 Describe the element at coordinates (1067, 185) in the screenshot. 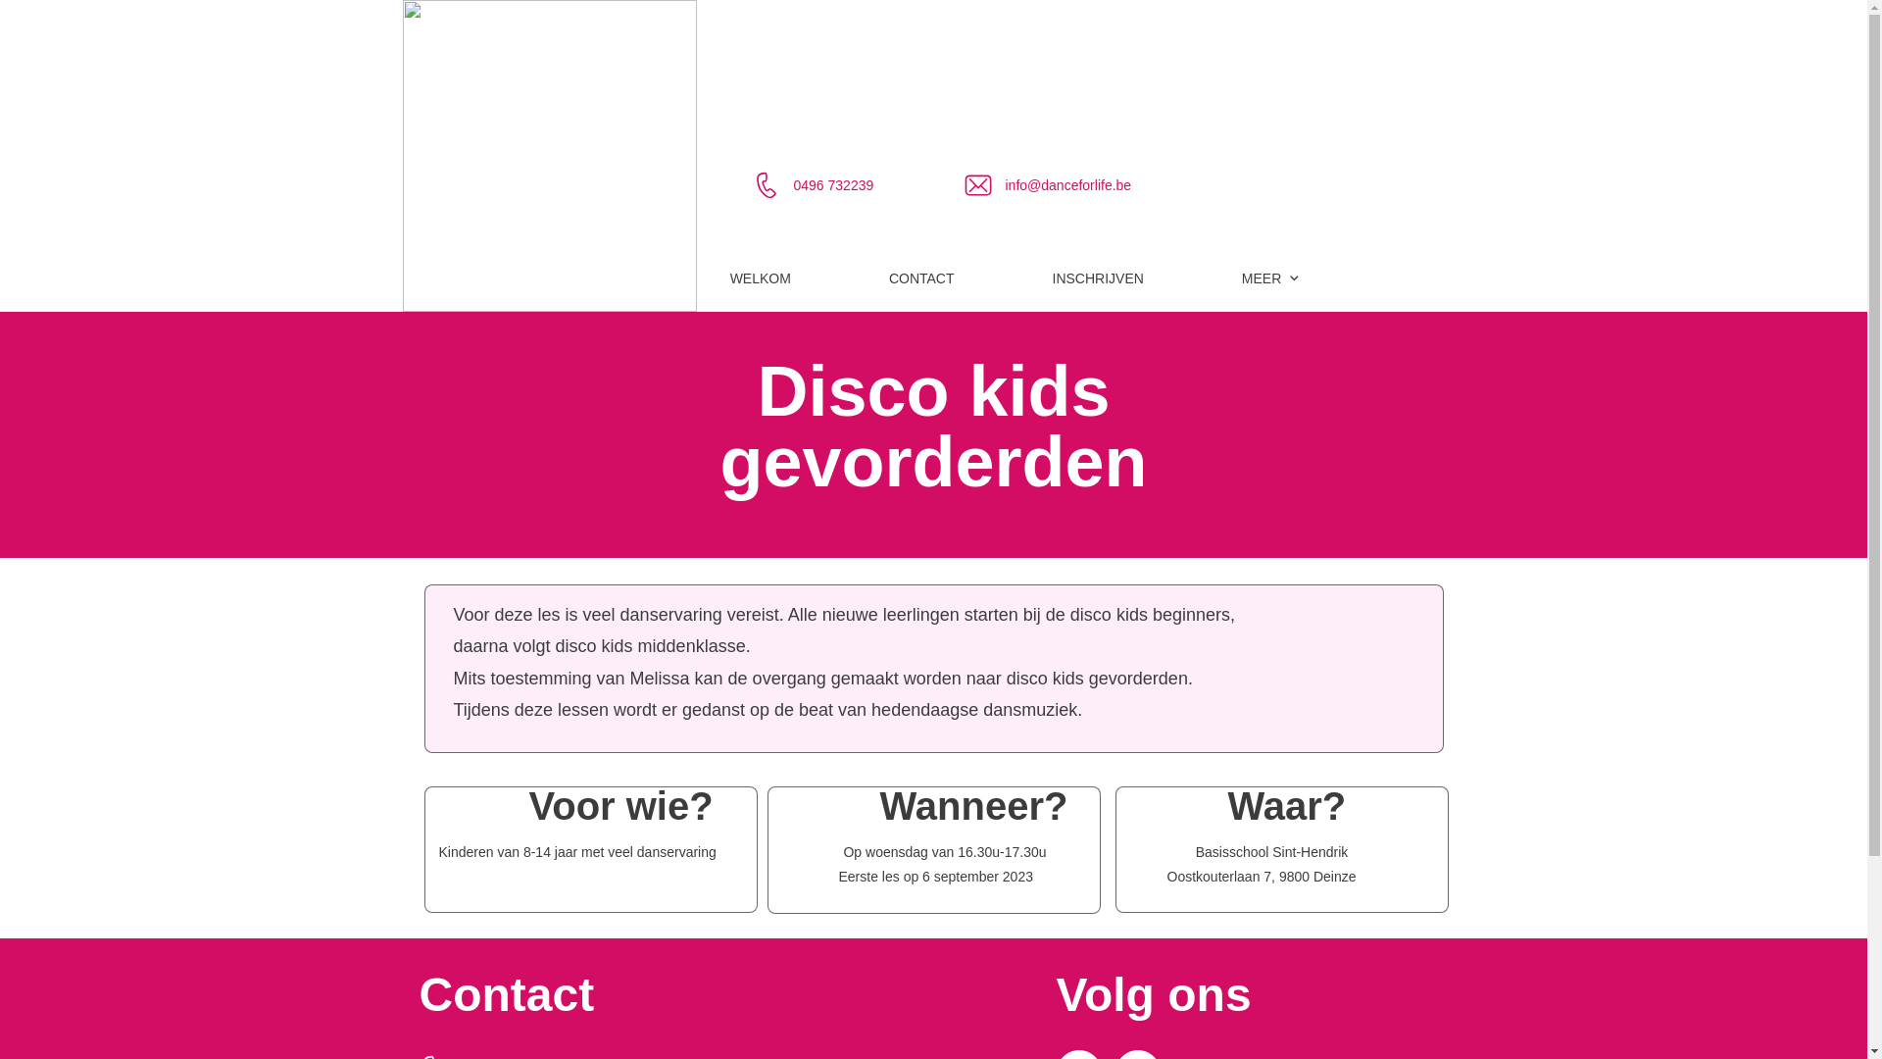

I see `'info@danceforlife.be'` at that location.